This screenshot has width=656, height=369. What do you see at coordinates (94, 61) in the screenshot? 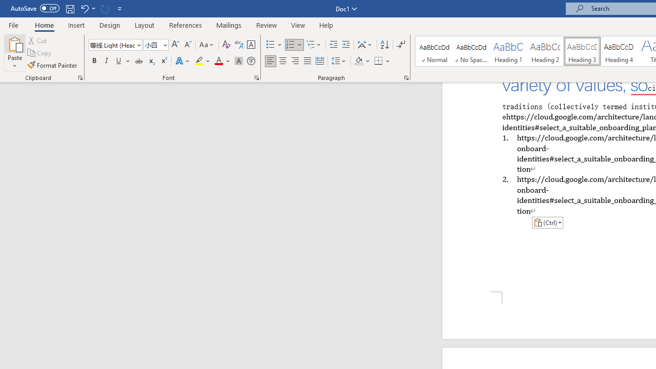
I see `'Bold'` at bounding box center [94, 61].